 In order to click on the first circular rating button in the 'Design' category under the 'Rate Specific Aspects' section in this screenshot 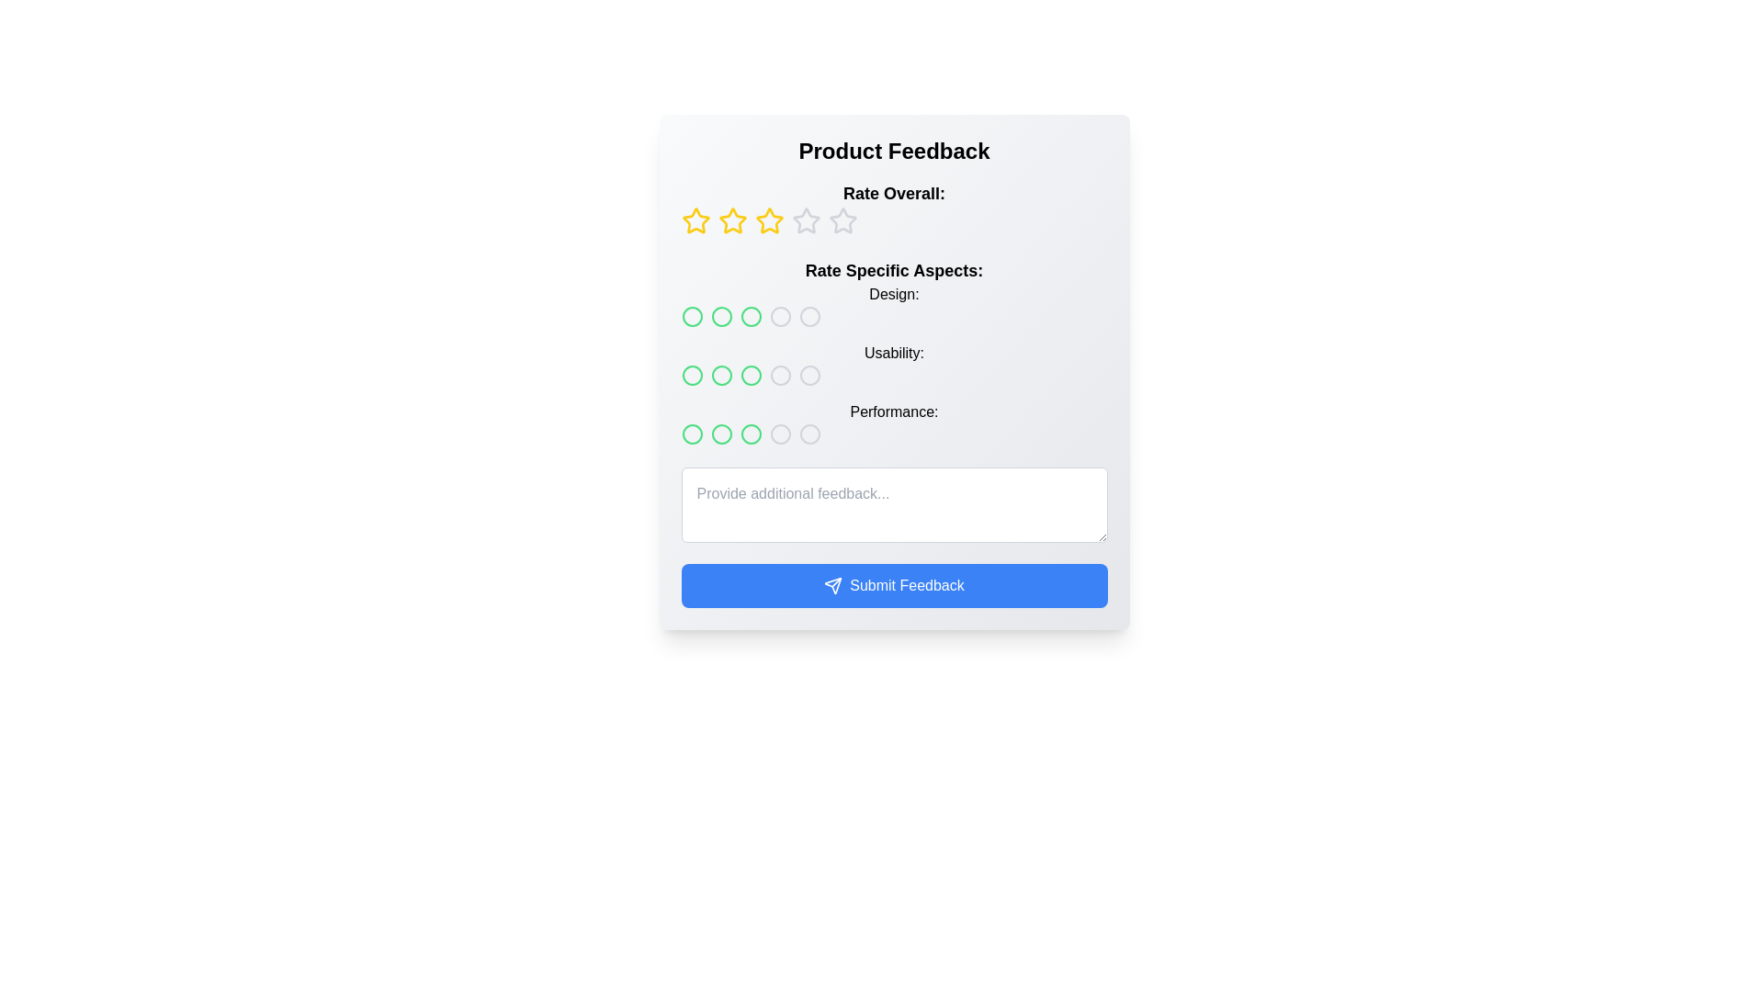, I will do `click(691, 315)`.